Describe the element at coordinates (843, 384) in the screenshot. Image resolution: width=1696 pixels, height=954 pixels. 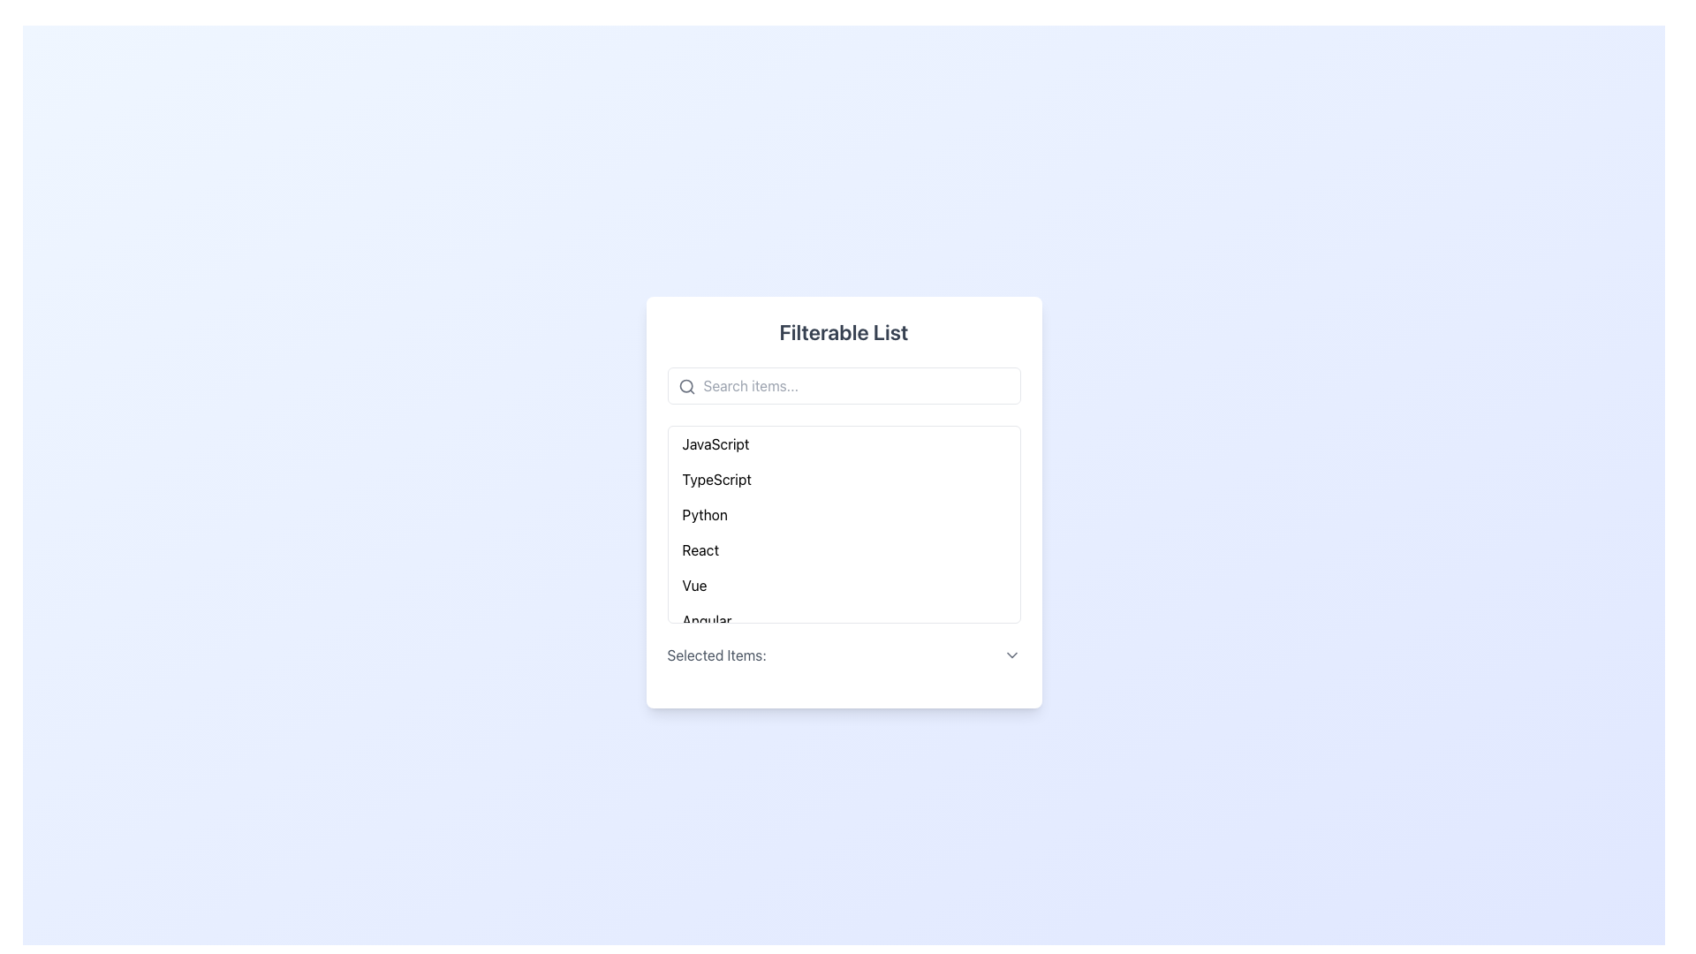
I see `the search bar located in the 'Filterable List' section to begin typing` at that location.